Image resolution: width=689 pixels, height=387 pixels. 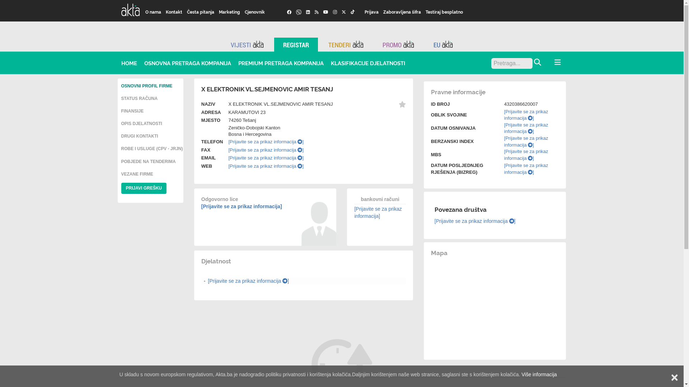 What do you see at coordinates (442, 44) in the screenshot?
I see `'EU'` at bounding box center [442, 44].